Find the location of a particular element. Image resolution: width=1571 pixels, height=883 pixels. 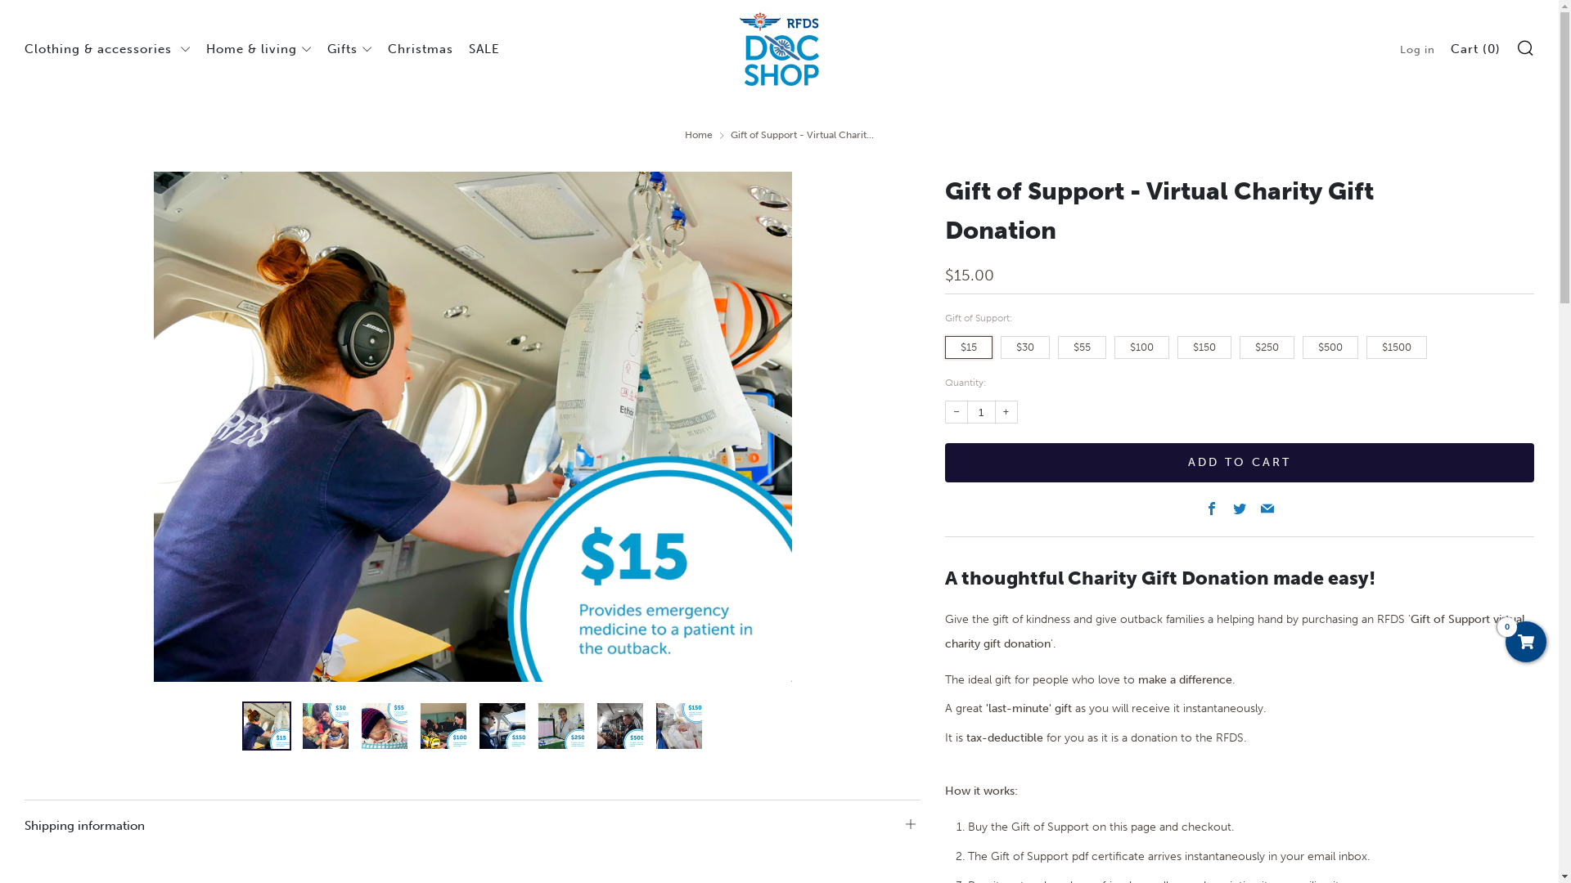

'Clothing & accessories' is located at coordinates (106, 48).